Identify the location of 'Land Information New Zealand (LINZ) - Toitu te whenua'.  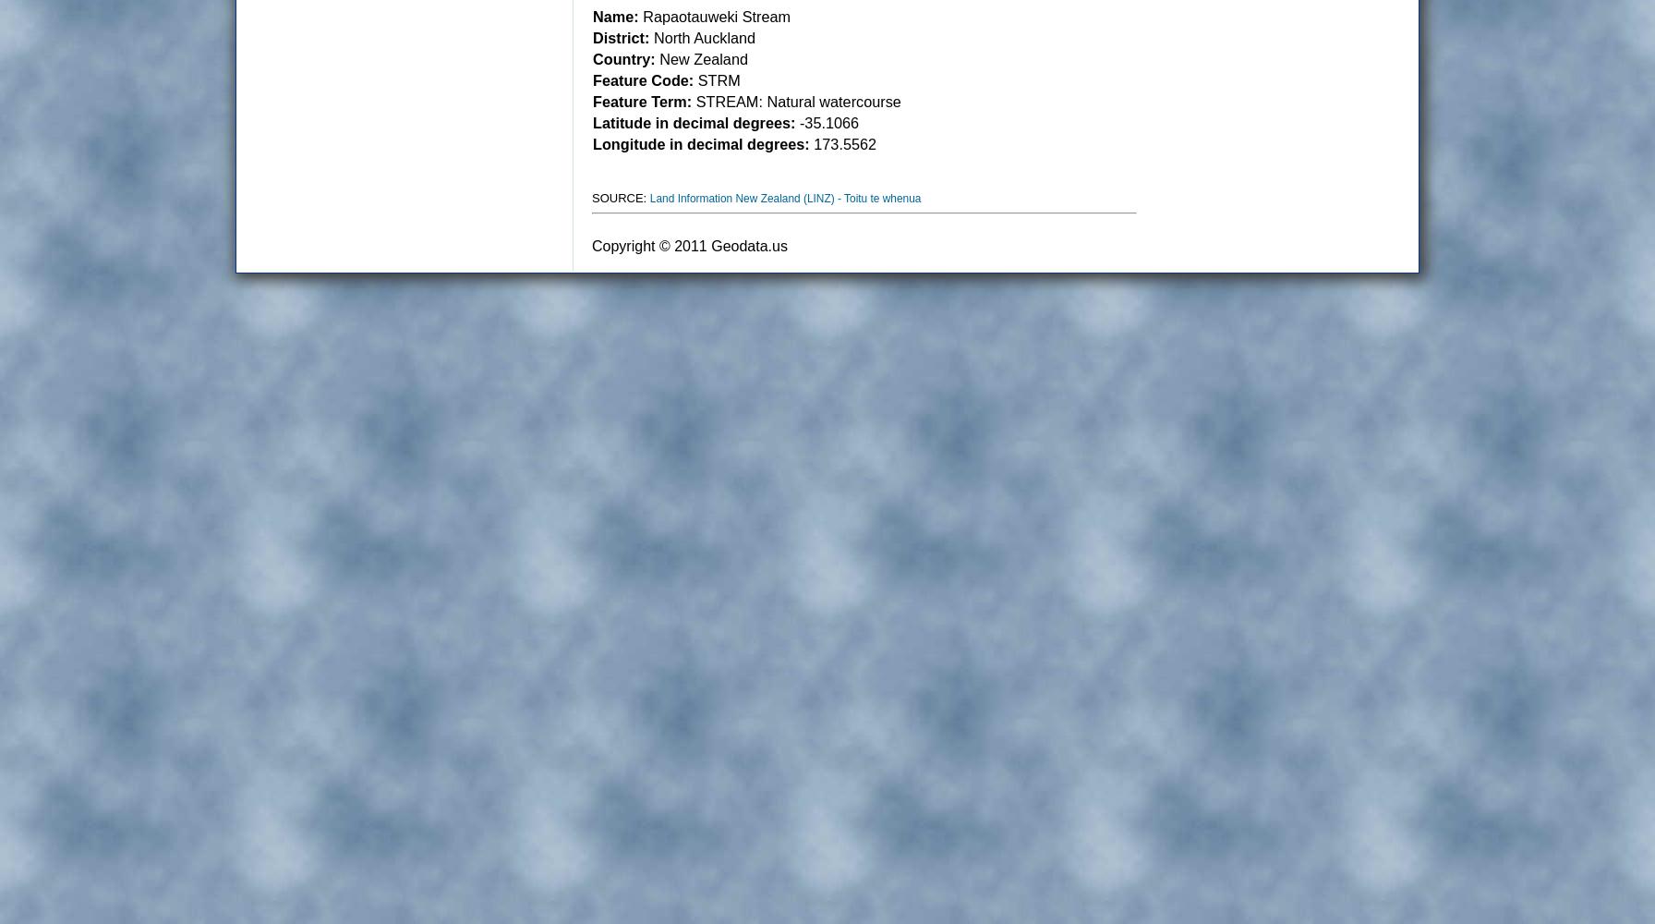
(649, 198).